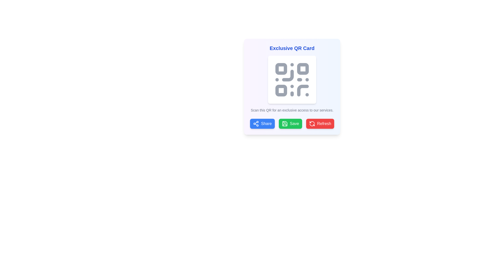 The height and width of the screenshot is (270, 481). I want to click on the save icon button with a green background, positioned as the second button from the left in a row of action buttons, to trigger a tooltip display, so click(285, 123).